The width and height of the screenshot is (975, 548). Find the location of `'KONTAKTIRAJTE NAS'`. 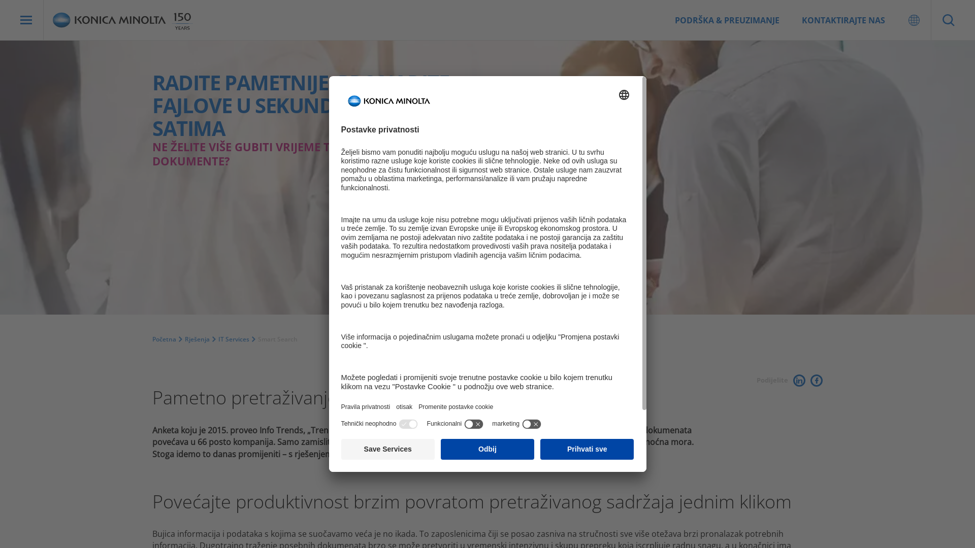

'KONTAKTIRAJTE NAS' is located at coordinates (843, 20).